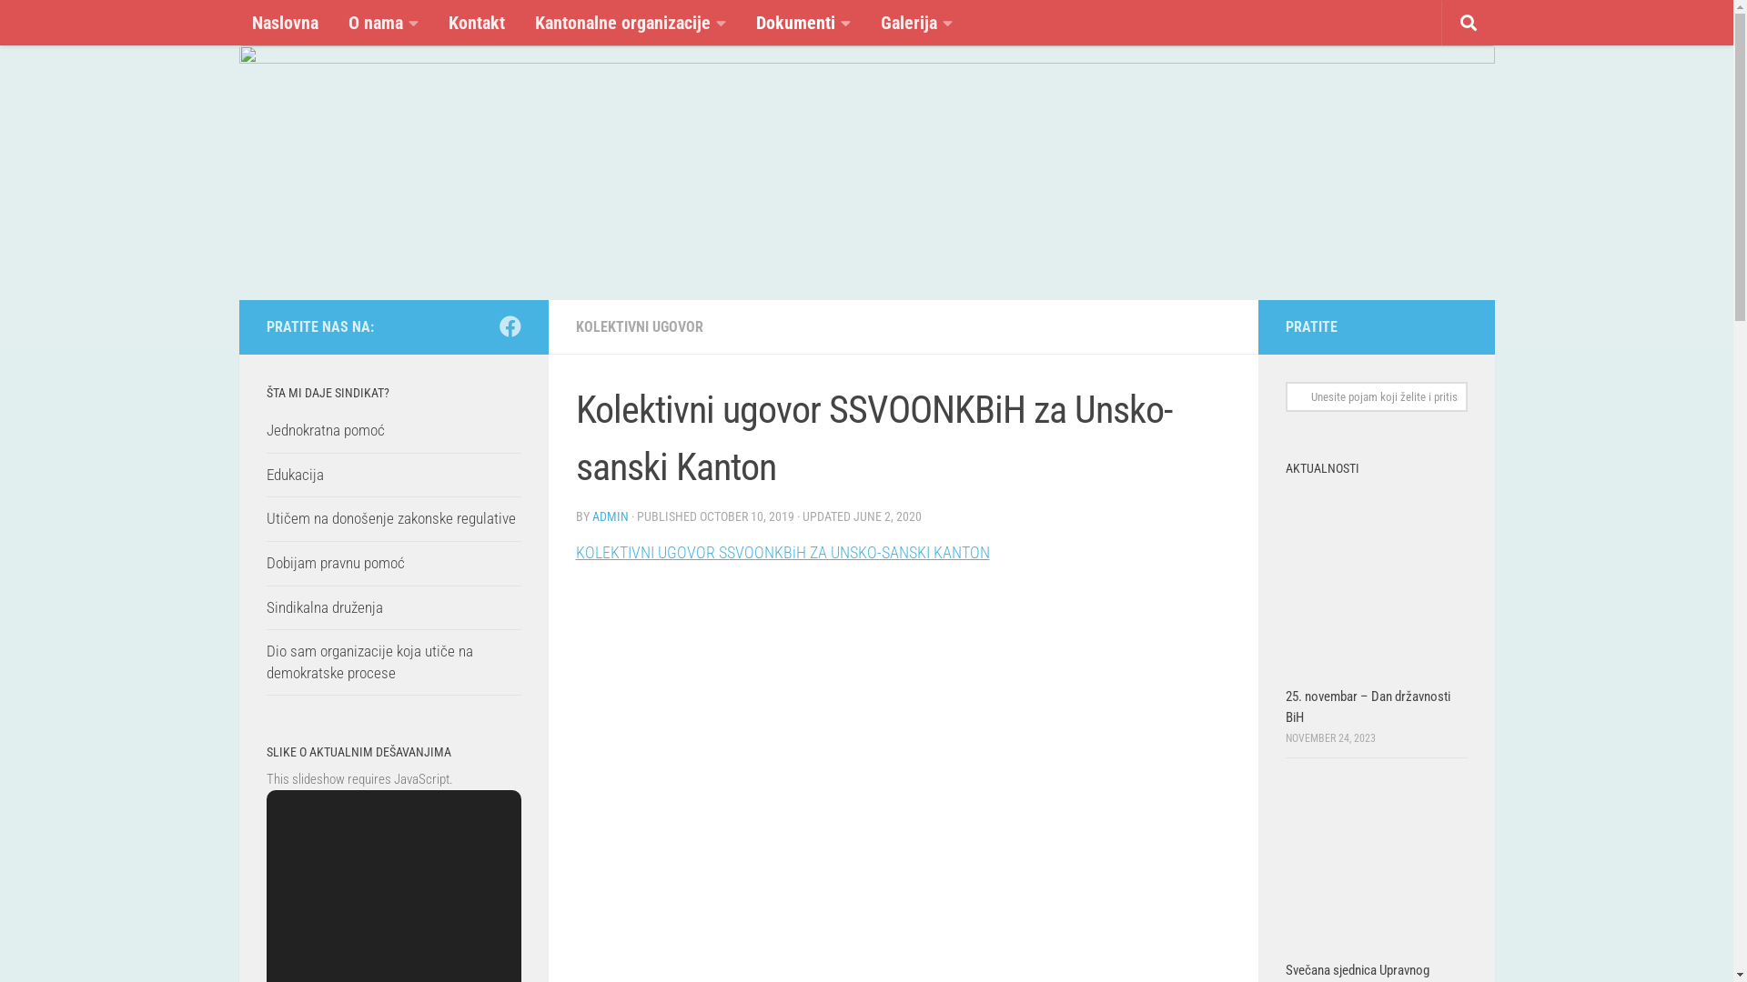  What do you see at coordinates (69, 25) in the screenshot?
I see `'Skip to content'` at bounding box center [69, 25].